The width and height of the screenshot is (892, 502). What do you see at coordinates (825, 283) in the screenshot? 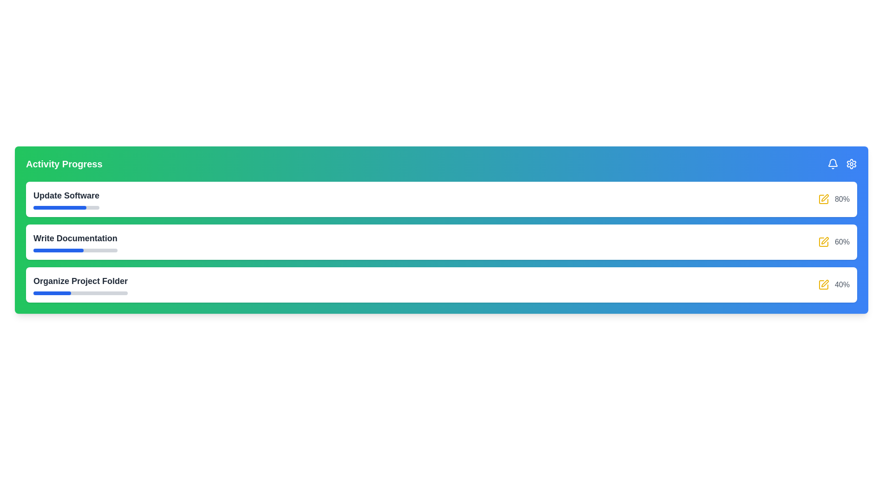
I see `the edit icon located at the right side of the third progress row, adjacent to the '40%' percentage indicator` at bounding box center [825, 283].